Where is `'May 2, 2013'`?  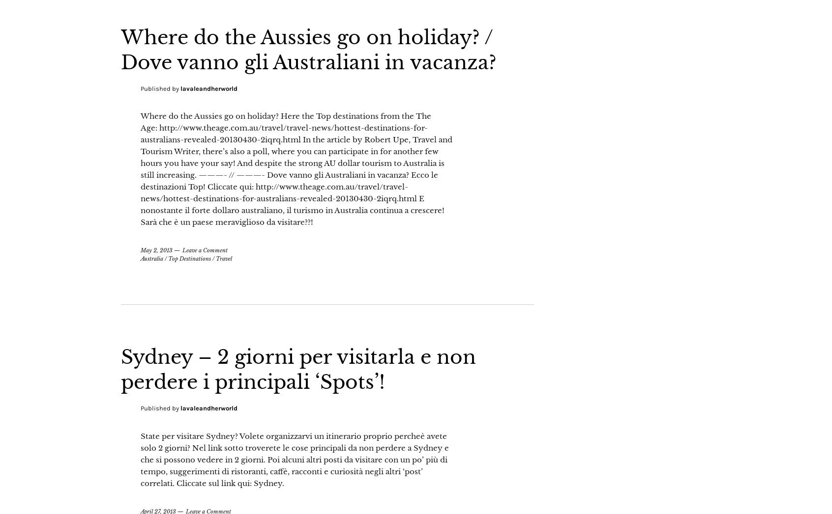 'May 2, 2013' is located at coordinates (140, 275).